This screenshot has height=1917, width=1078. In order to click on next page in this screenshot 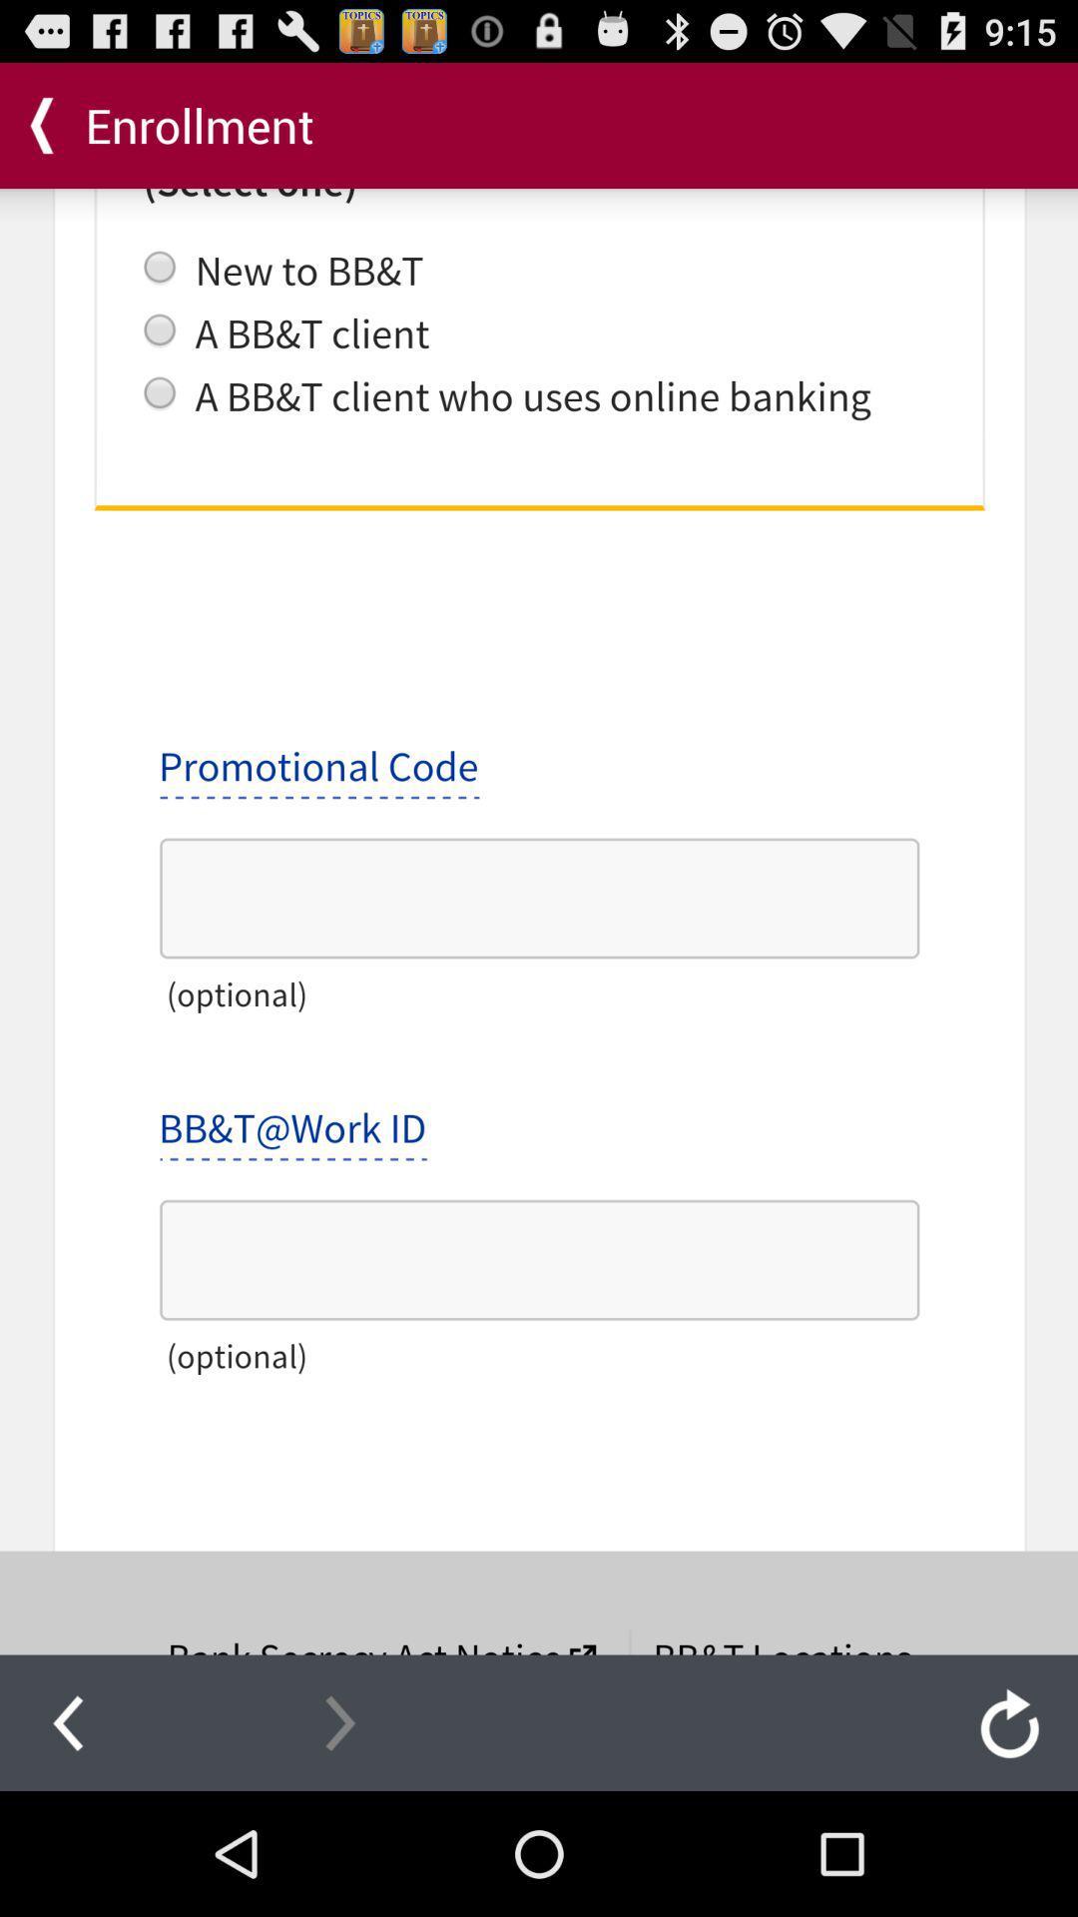, I will do `click(339, 1721)`.